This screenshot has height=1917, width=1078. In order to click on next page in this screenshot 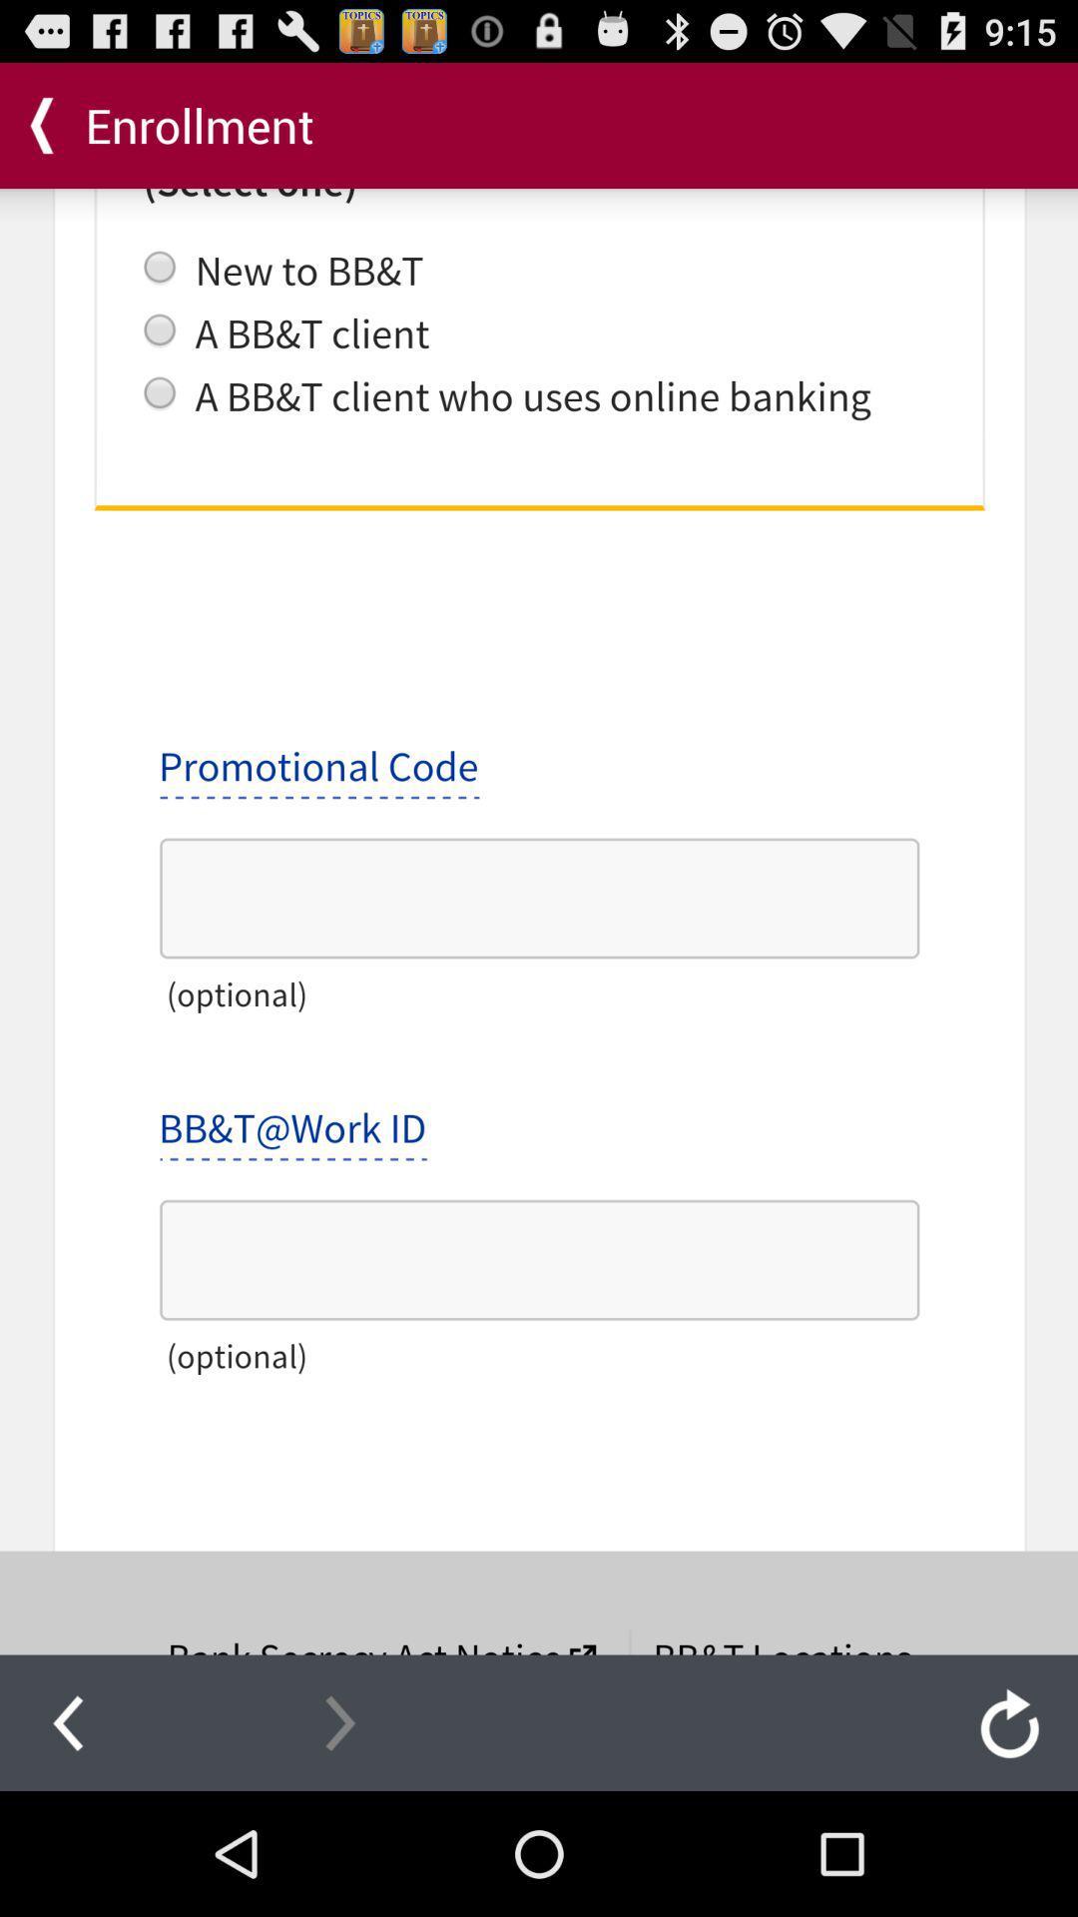, I will do `click(339, 1721)`.